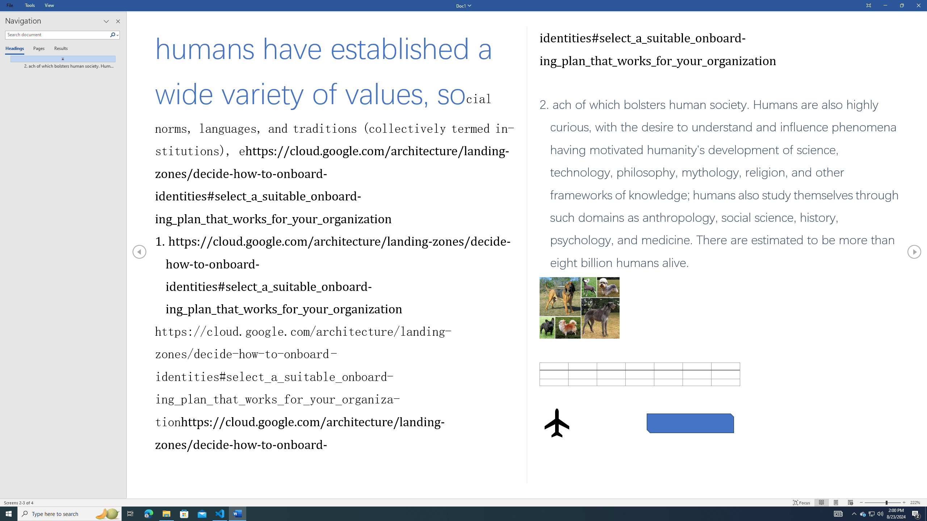 Image resolution: width=927 pixels, height=521 pixels. Describe the element at coordinates (57, 34) in the screenshot. I see `'Search document'` at that location.